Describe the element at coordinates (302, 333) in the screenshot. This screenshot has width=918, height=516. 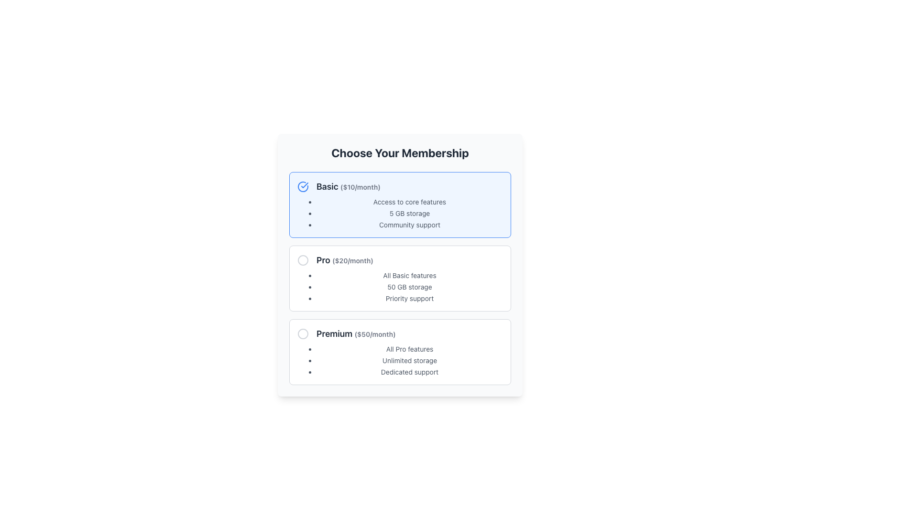
I see `Premium membership icon, which visually indicates the selection or availability state of the subscription option, by using developer tools` at that location.